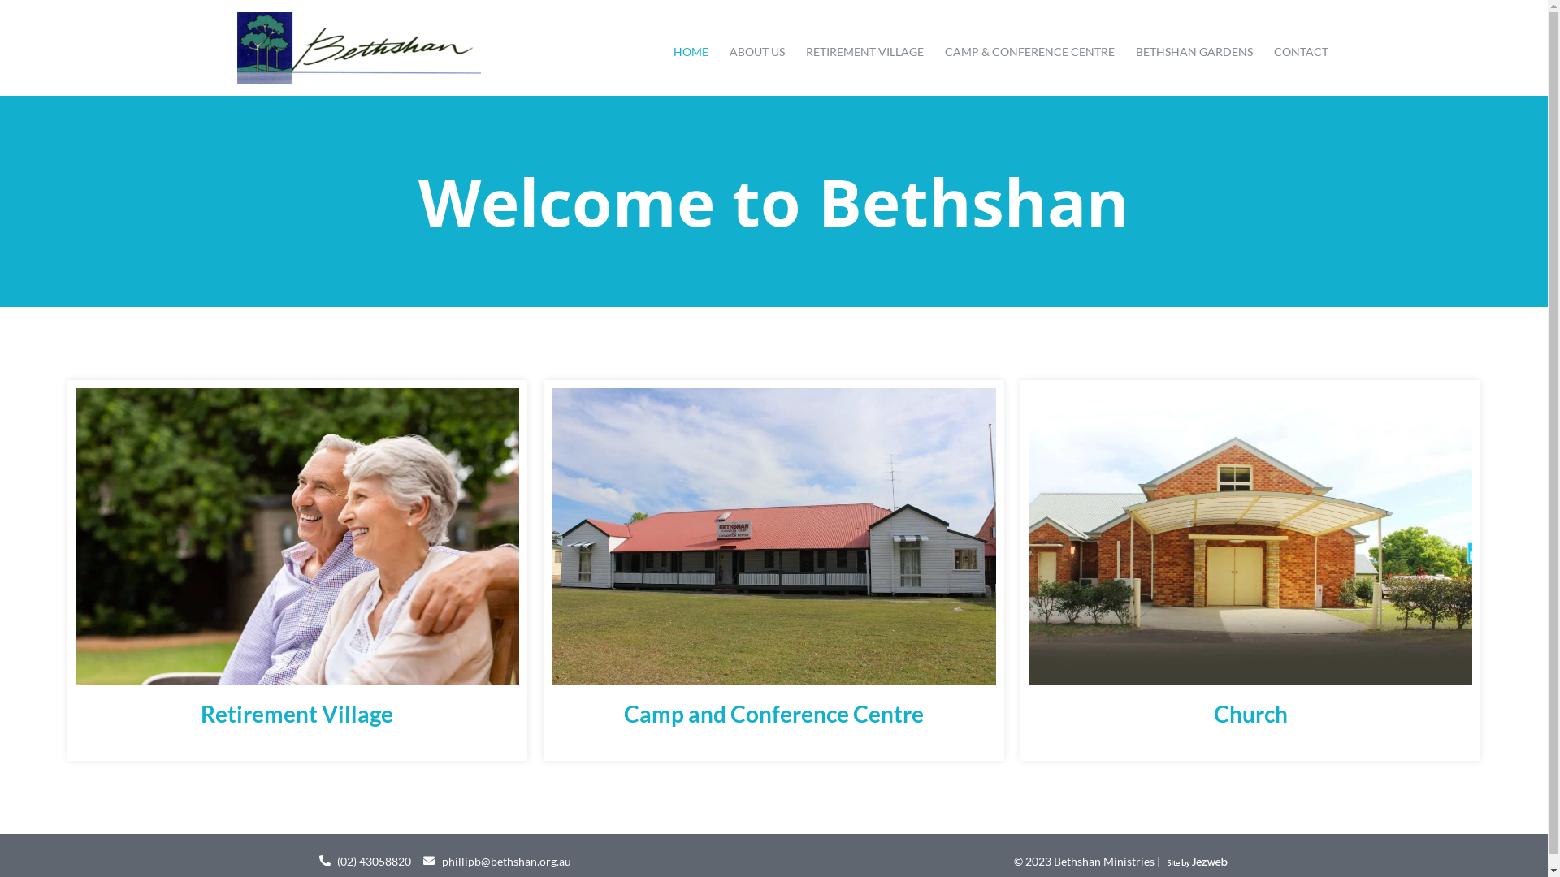  What do you see at coordinates (1029, 50) in the screenshot?
I see `'CAMP & CONFERENCE CENTRE'` at bounding box center [1029, 50].